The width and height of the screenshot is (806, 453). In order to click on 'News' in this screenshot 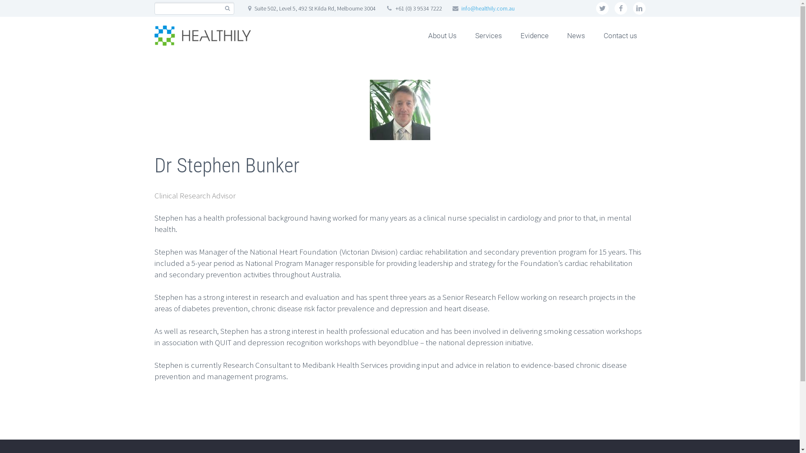, I will do `click(575, 35)`.